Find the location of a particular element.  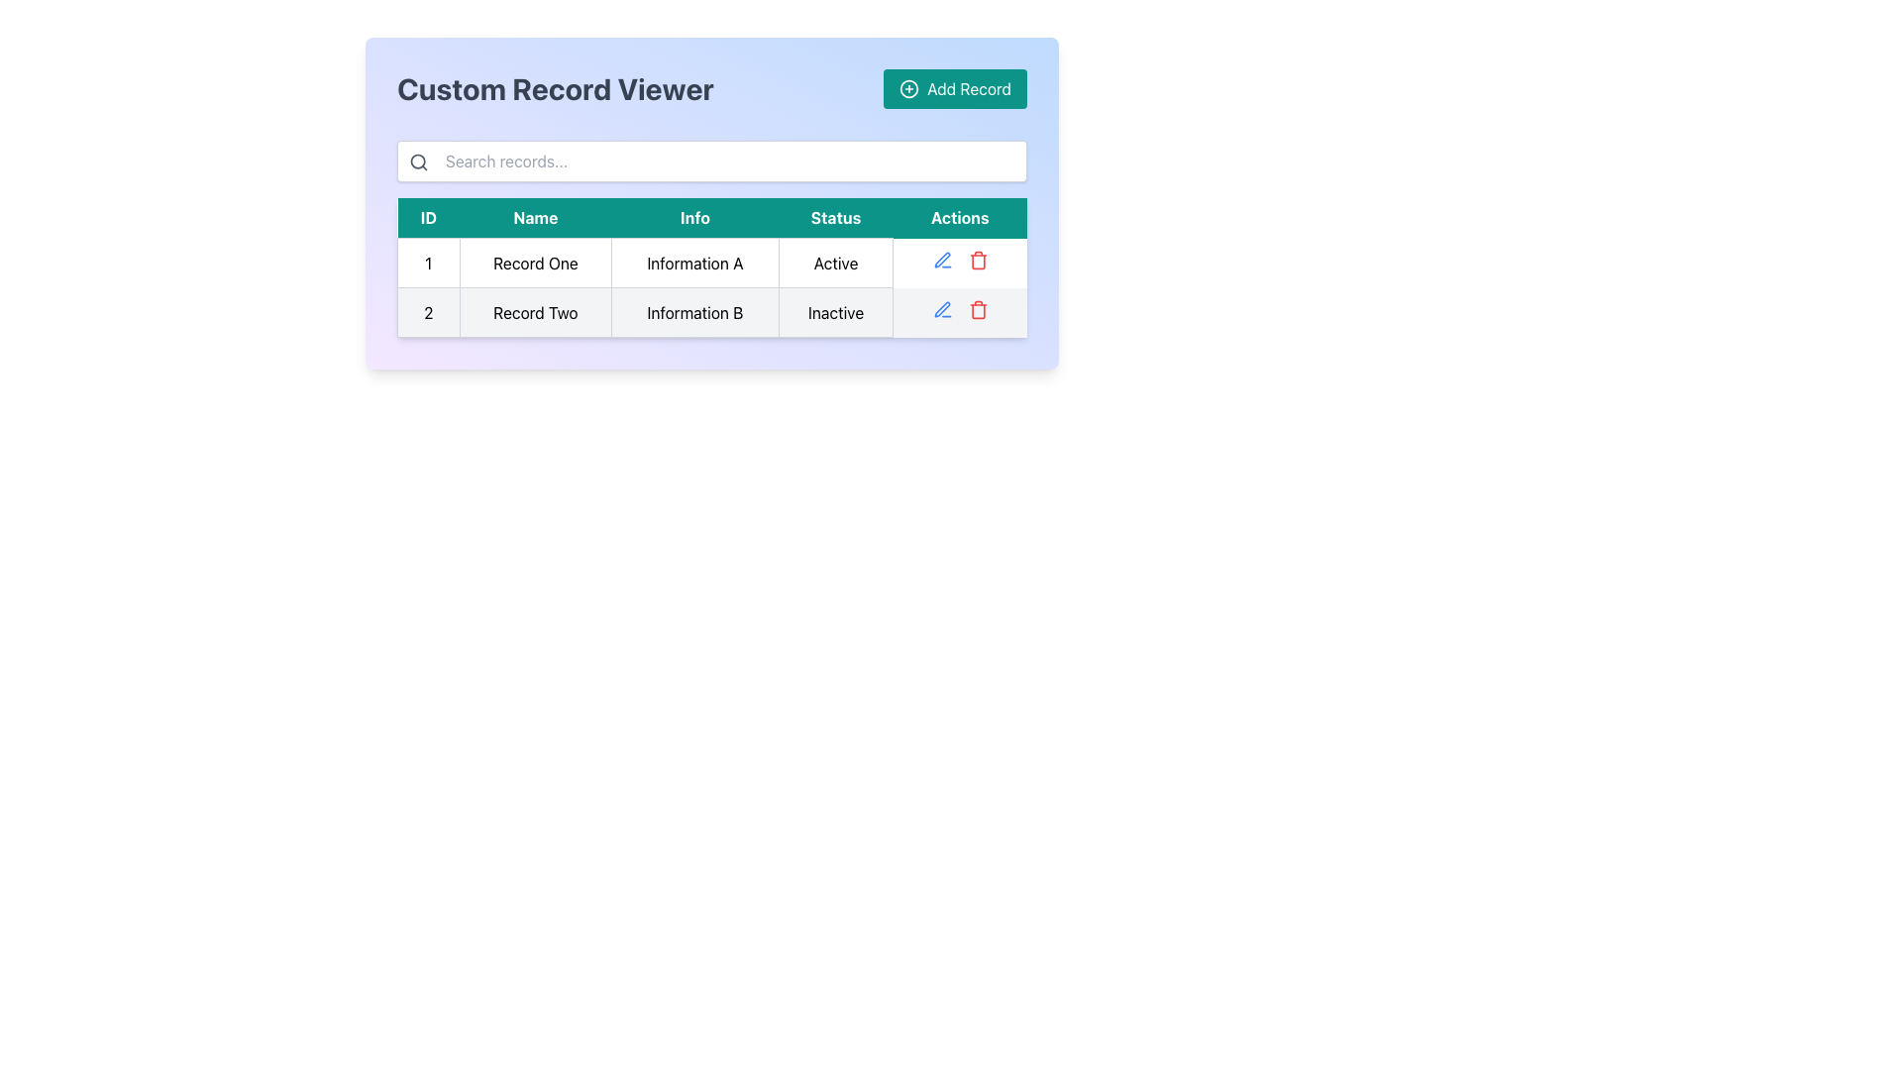

the 'Inactive' text label in the fourth column of the second row of the table located beneath the search bar in the 'Custom Record Viewer' section is located at coordinates (836, 312).